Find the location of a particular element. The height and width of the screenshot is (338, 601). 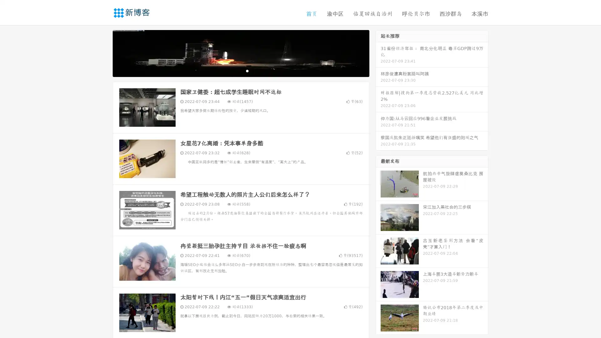

Go to slide 2 is located at coordinates (240, 70).